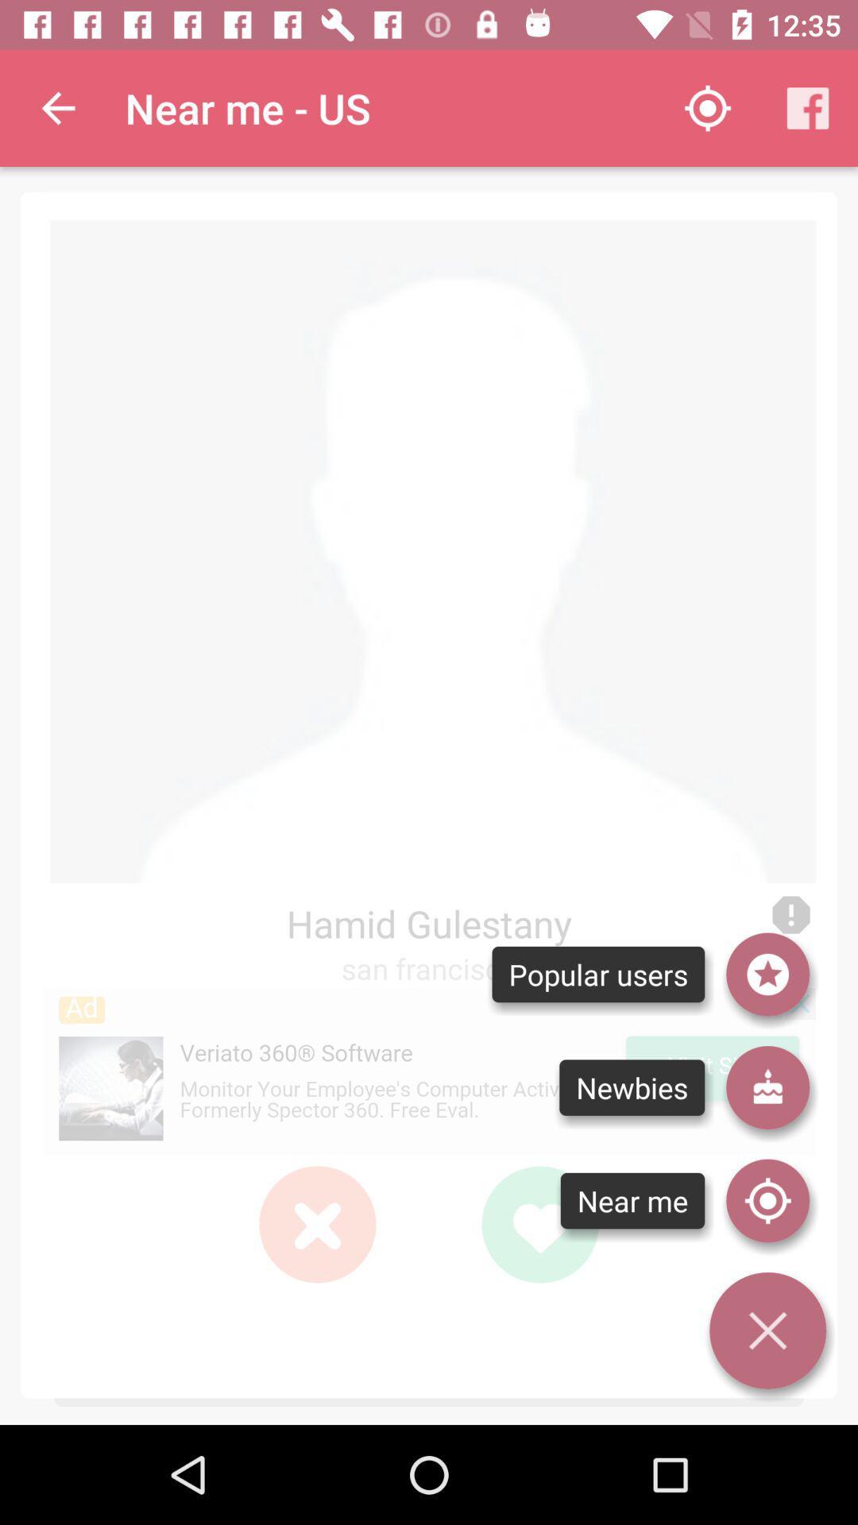  What do you see at coordinates (632, 1201) in the screenshot?
I see `text below newbies` at bounding box center [632, 1201].